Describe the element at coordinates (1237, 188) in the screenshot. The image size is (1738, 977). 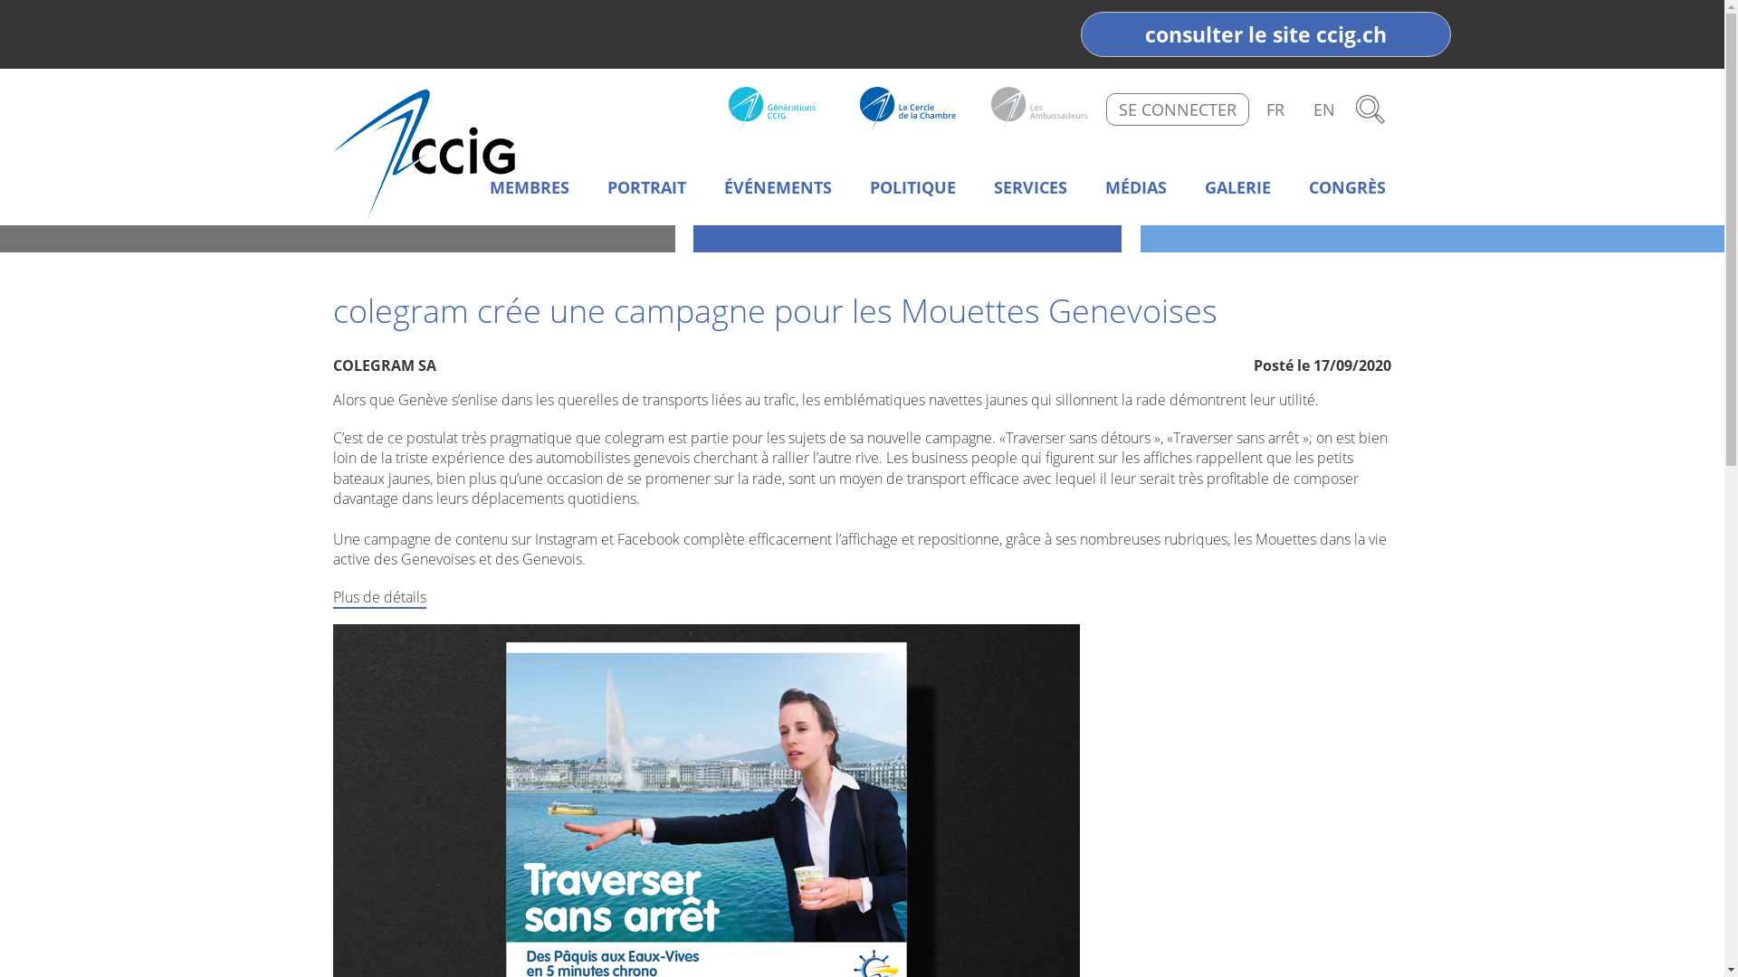
I see `'GALERIE'` at that location.